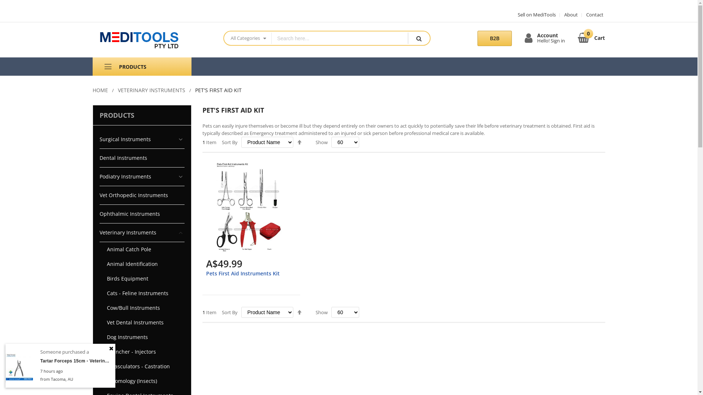  Describe the element at coordinates (142, 158) in the screenshot. I see `'Dental Instruments'` at that location.